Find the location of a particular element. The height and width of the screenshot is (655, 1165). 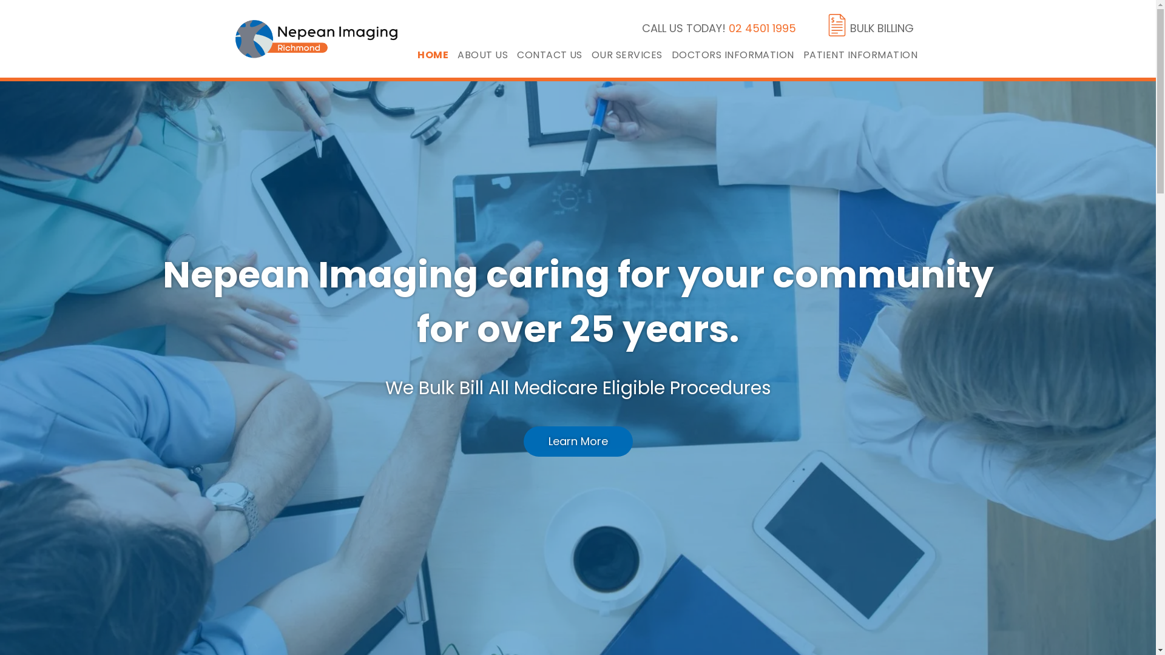

'OUR SERVICES' is located at coordinates (591, 55).